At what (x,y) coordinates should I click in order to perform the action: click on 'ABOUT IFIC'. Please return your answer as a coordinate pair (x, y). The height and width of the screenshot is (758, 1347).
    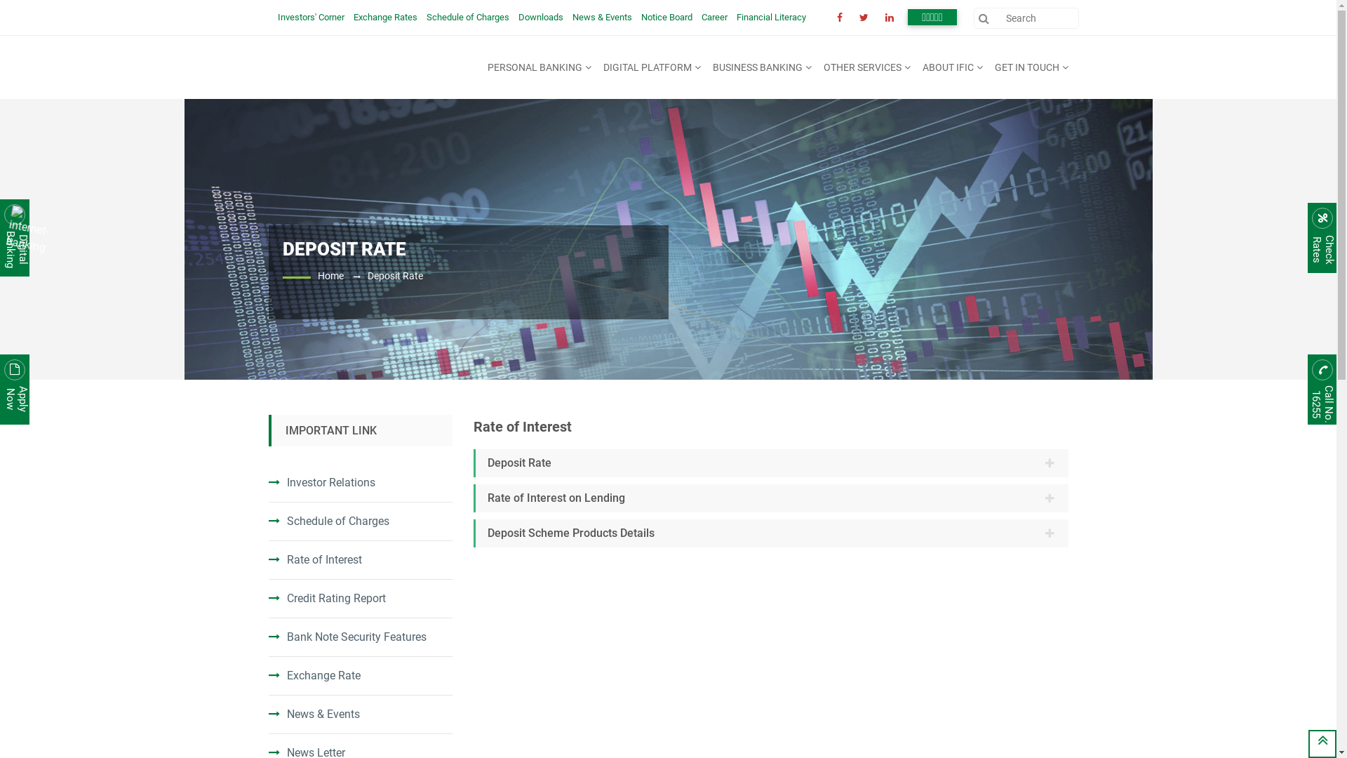
    Looking at the image, I should click on (953, 67).